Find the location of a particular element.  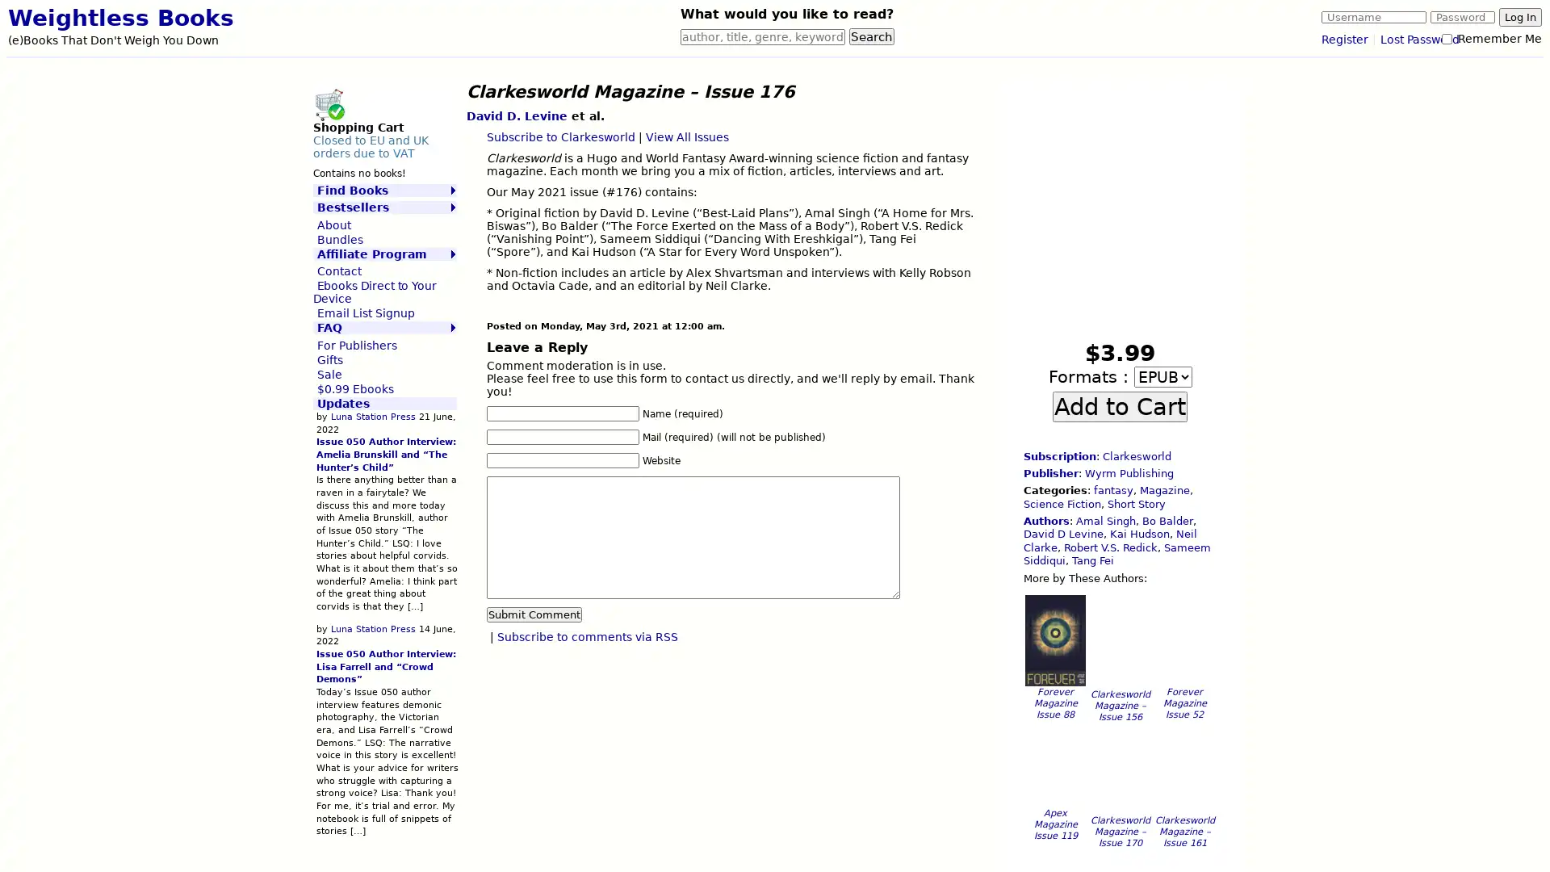

Log In is located at coordinates (1519, 17).